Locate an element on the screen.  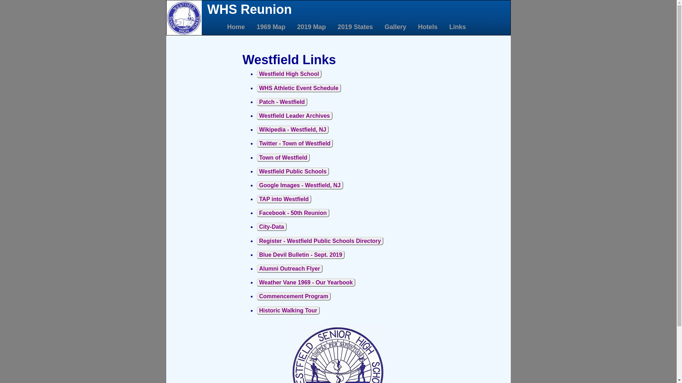
'Hotels' is located at coordinates (427, 27).